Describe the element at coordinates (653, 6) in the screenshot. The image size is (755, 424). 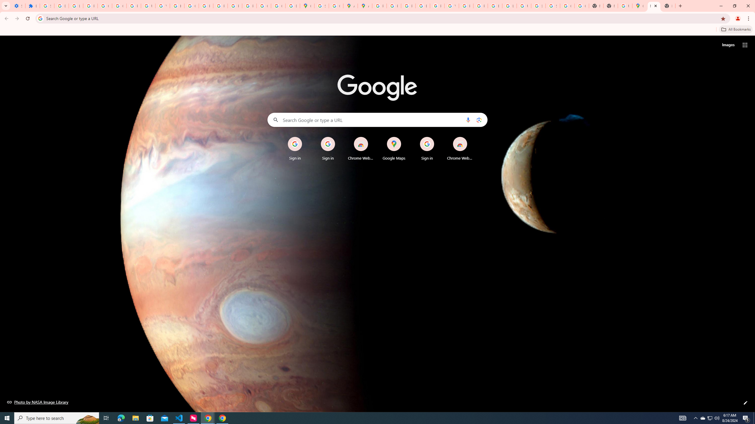
I see `'New Tab'` at that location.